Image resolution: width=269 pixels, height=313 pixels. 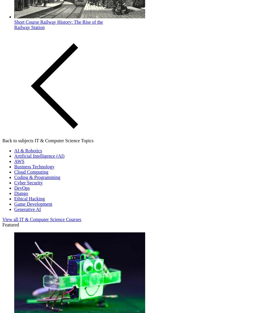 I want to click on 'Business Technology', so click(x=14, y=166).